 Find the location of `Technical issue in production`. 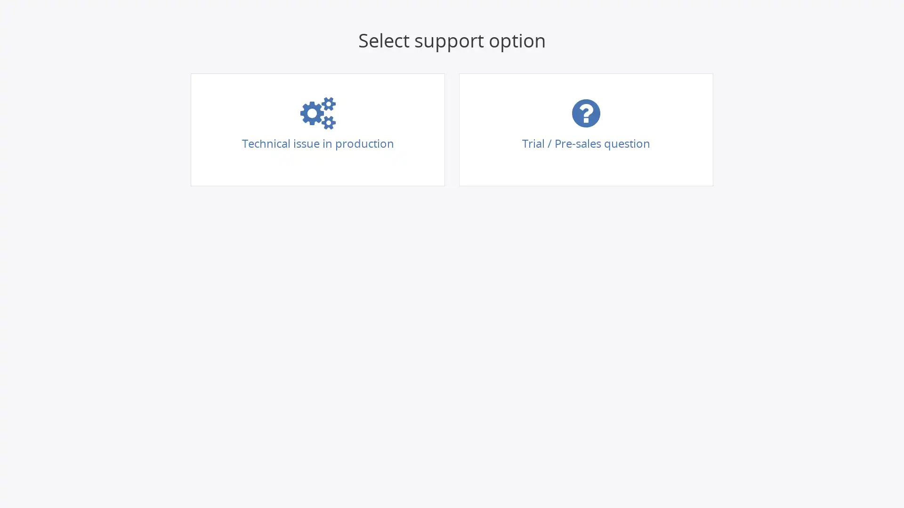

Technical issue in production is located at coordinates (318, 130).